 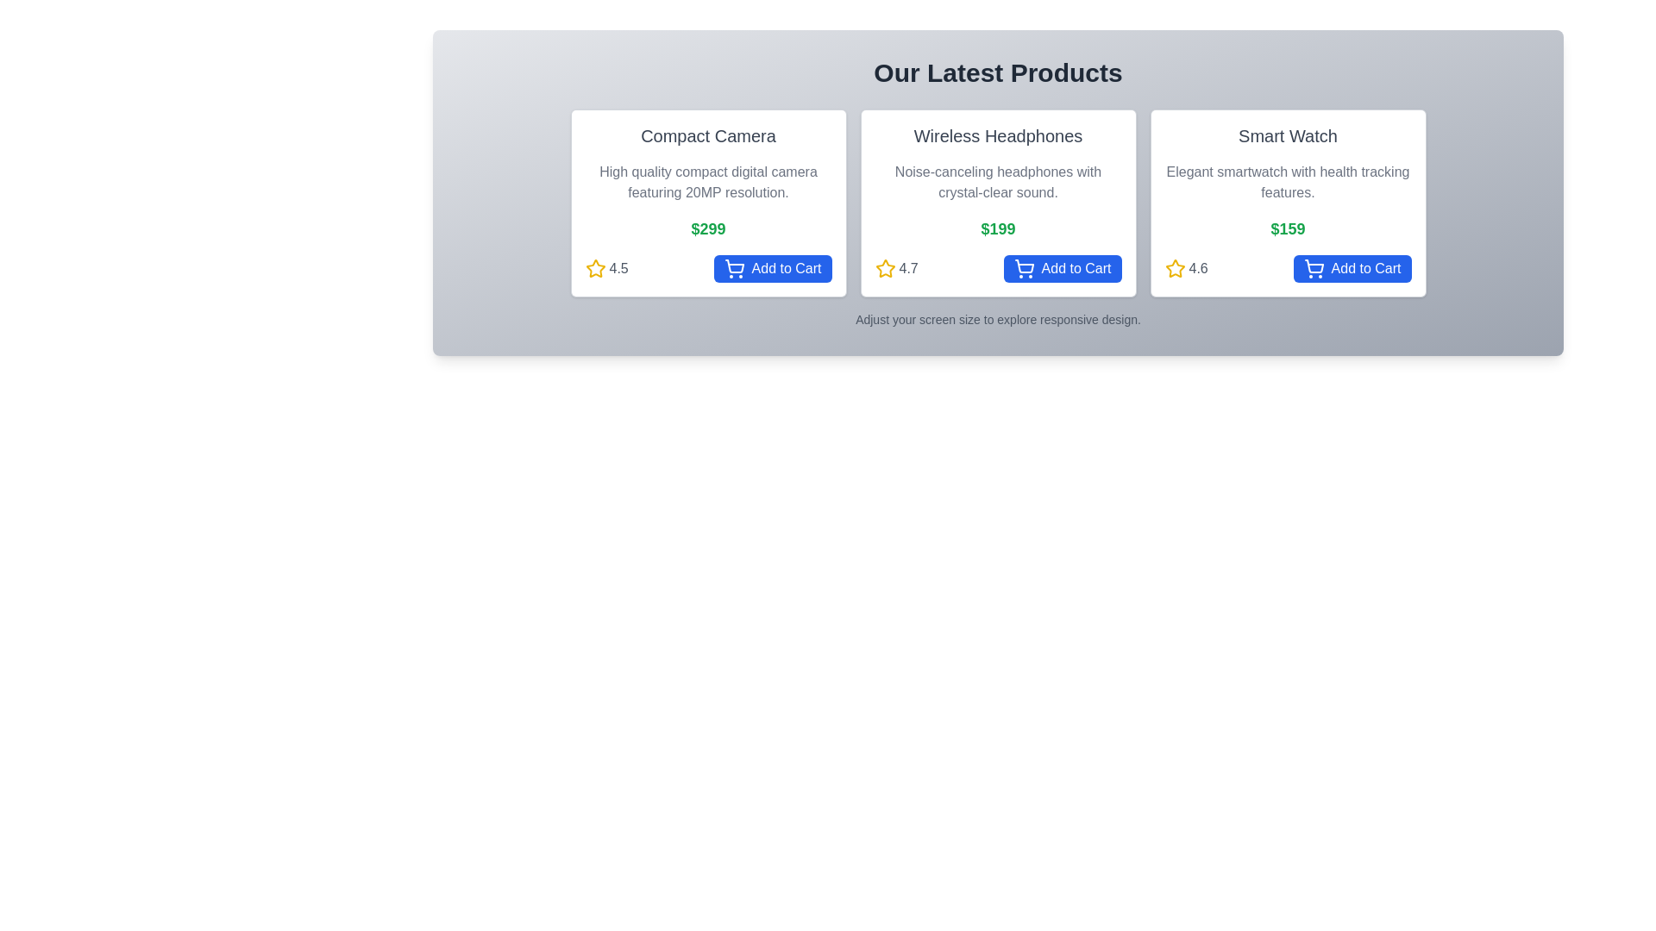 I want to click on the Text Block element that contains the text 'Noise-canceling headphones with crystal-clear sound.' positioned below the title 'Wireless Headphones.', so click(x=998, y=183).